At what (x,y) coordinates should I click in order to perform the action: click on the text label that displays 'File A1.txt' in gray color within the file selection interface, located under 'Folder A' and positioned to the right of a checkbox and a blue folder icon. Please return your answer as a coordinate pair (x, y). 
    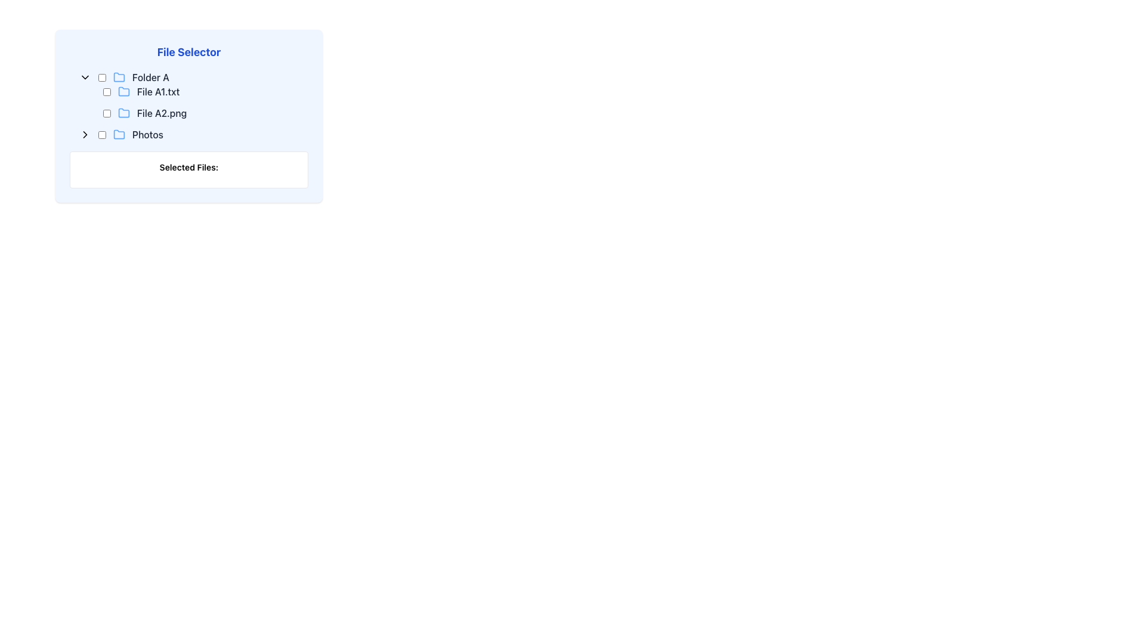
    Looking at the image, I should click on (157, 91).